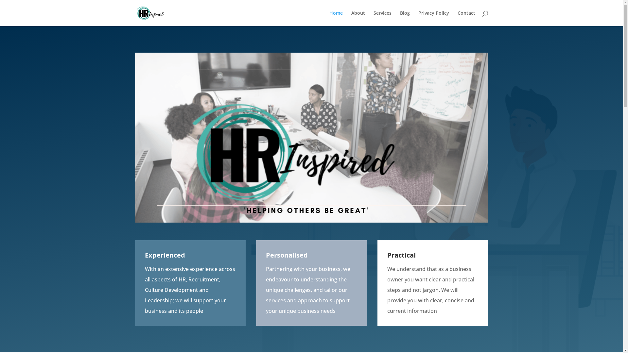 This screenshot has width=628, height=353. What do you see at coordinates (466, 18) in the screenshot?
I see `'Contact'` at bounding box center [466, 18].